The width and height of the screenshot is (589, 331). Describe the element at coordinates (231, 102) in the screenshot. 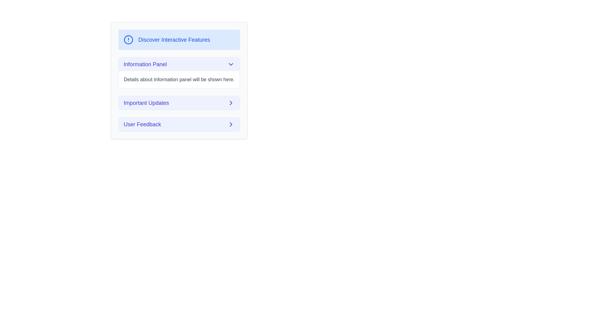

I see `the chevron arrow icon in the 'User Feedback' section of the vertically-stacked menu` at that location.